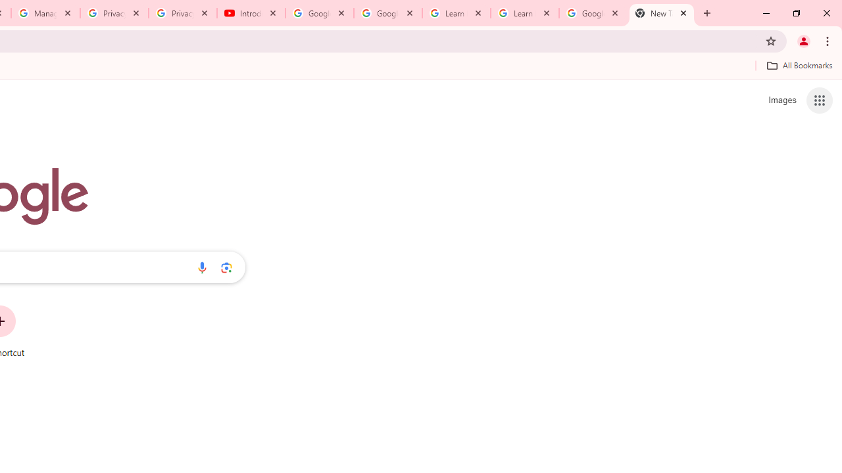 This screenshot has width=842, height=473. I want to click on 'Search for Images ', so click(782, 100).